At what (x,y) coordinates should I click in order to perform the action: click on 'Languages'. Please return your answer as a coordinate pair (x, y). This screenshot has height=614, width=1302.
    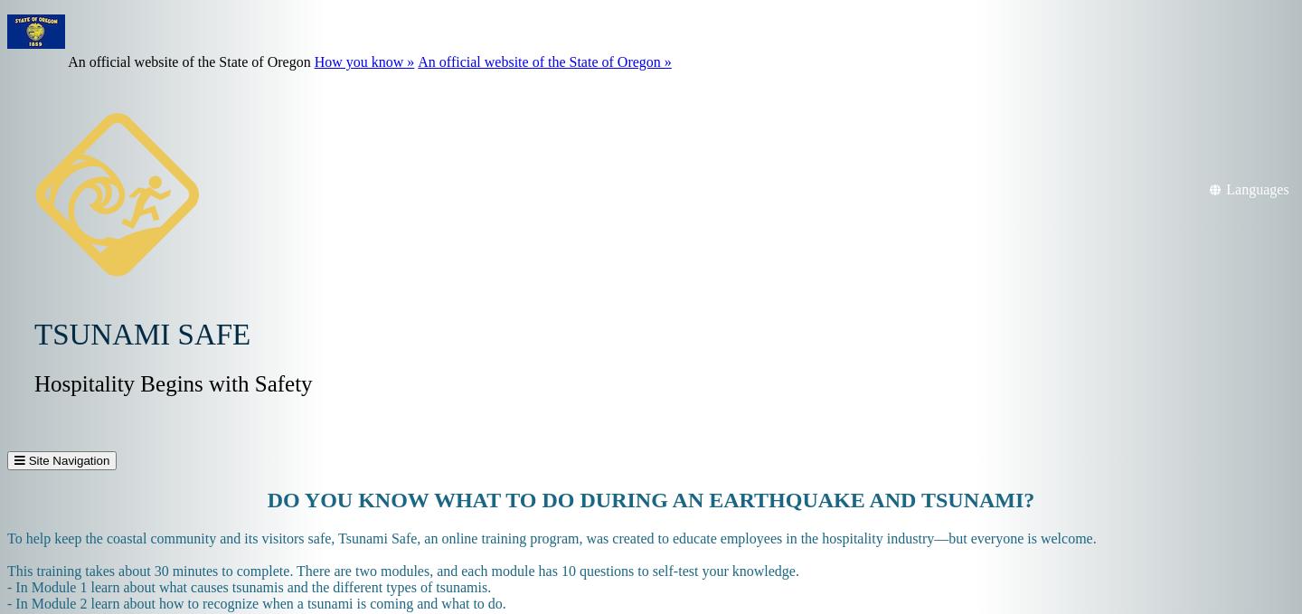
    Looking at the image, I should click on (1257, 188).